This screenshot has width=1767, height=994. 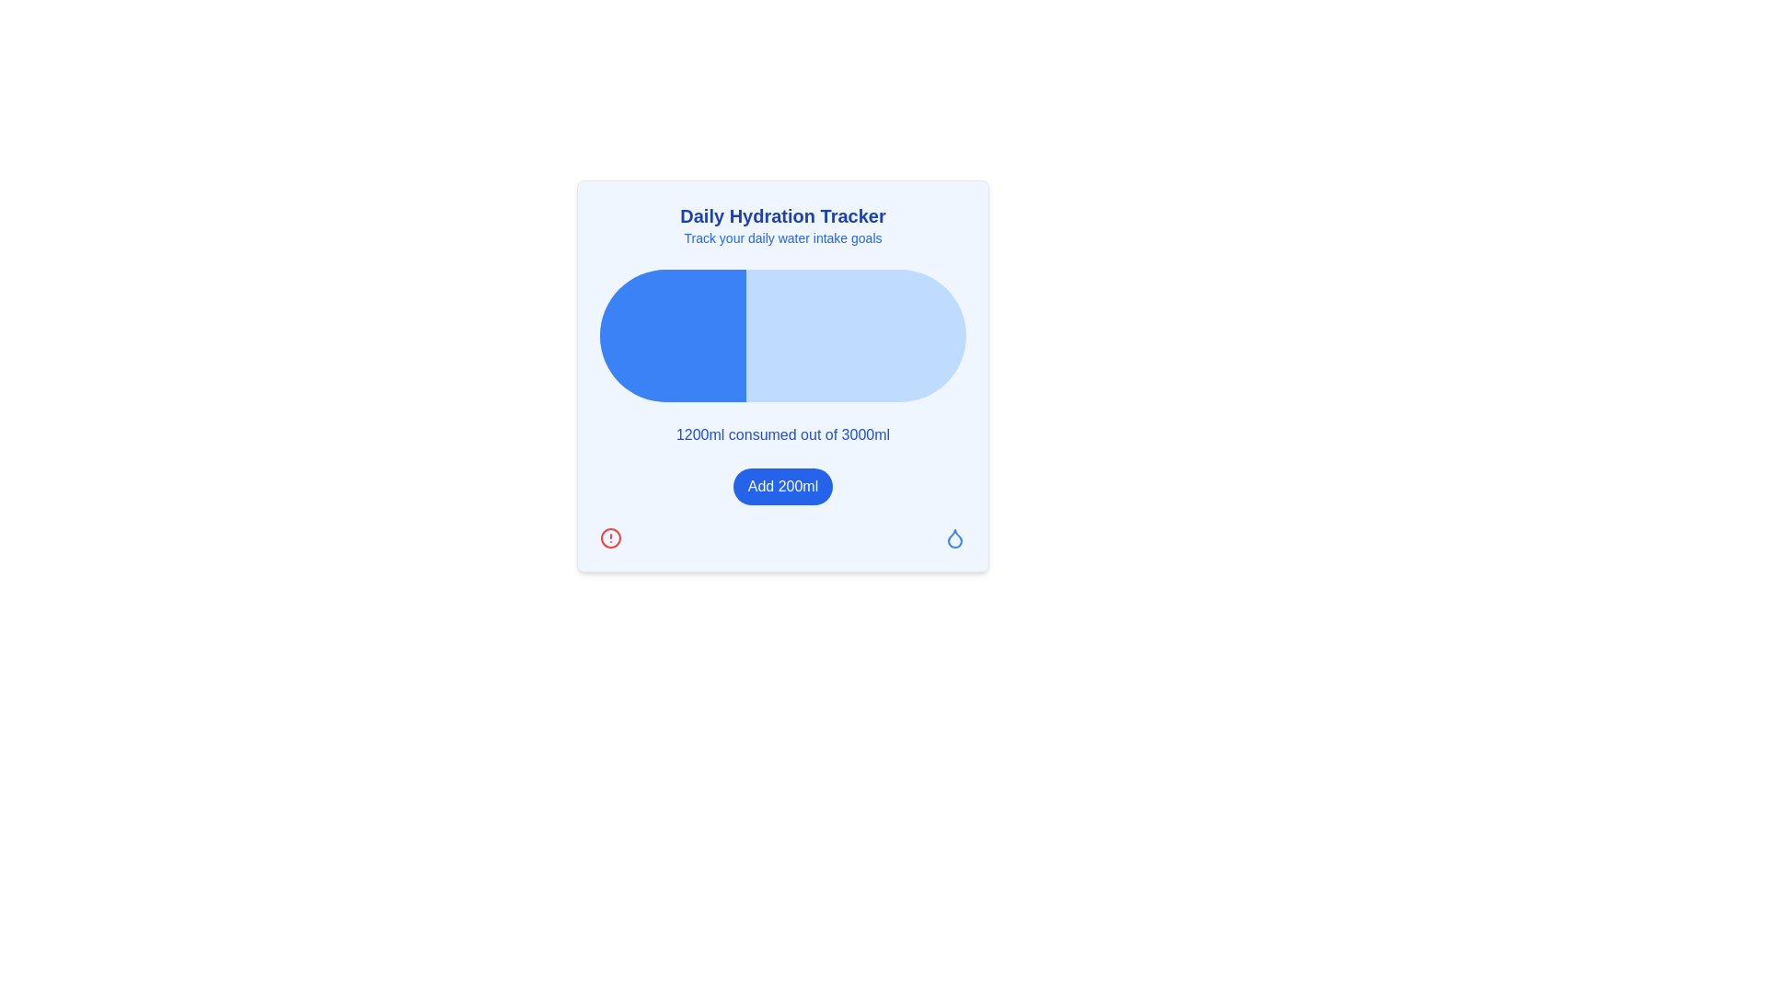 What do you see at coordinates (610, 538) in the screenshot?
I see `the alert icon located in the bottom-left corner of the card, which serves as an indicator or alert symbol` at bounding box center [610, 538].